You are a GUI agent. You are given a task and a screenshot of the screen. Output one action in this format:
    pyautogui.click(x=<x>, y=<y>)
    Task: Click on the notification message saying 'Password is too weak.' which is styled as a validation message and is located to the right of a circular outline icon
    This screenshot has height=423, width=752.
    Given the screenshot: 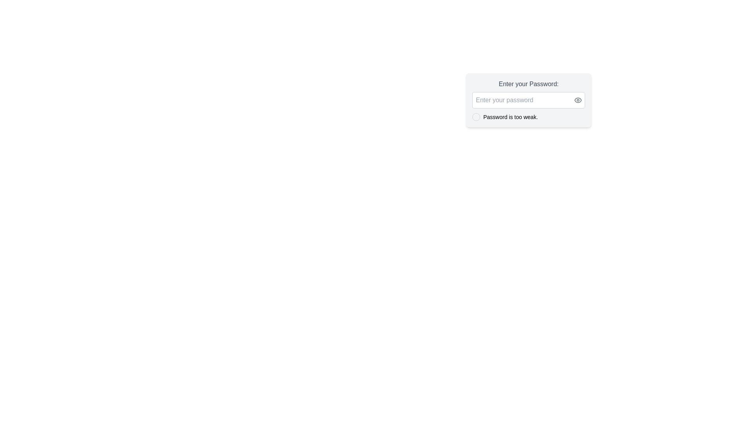 What is the action you would take?
    pyautogui.click(x=510, y=117)
    